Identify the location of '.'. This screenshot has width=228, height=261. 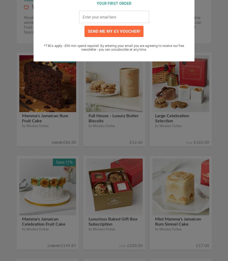
(162, 21).